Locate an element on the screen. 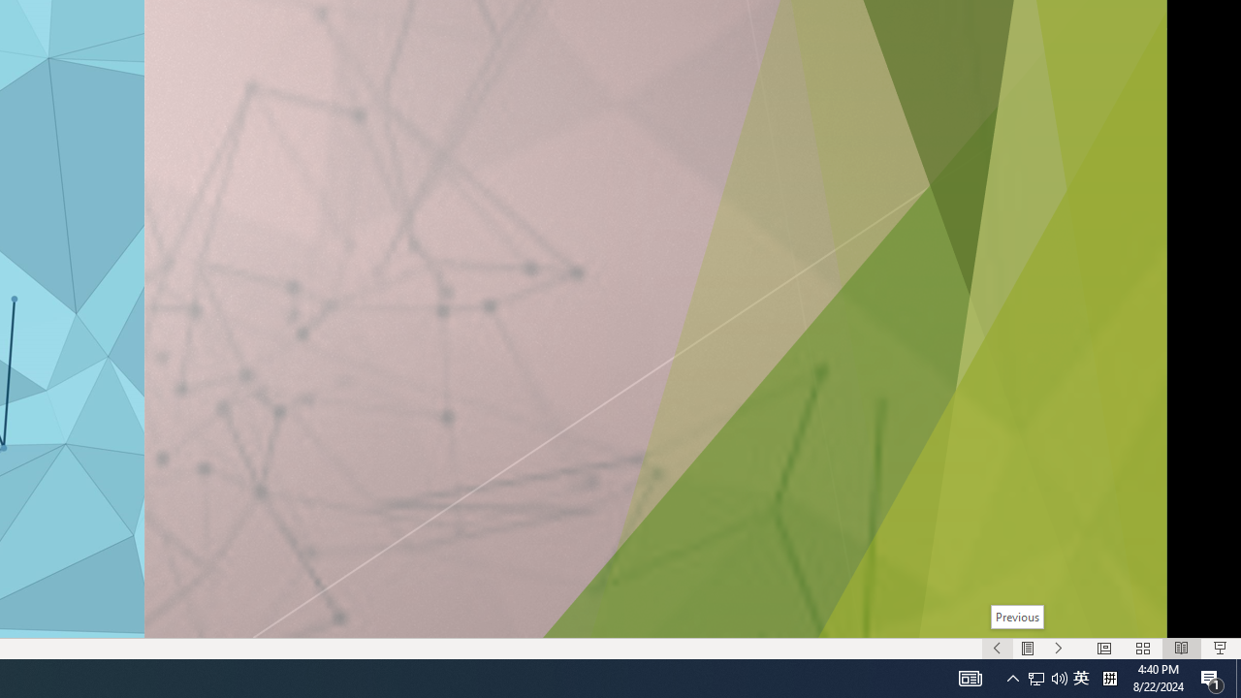 The height and width of the screenshot is (698, 1241). 'Menu On' is located at coordinates (1027, 649).